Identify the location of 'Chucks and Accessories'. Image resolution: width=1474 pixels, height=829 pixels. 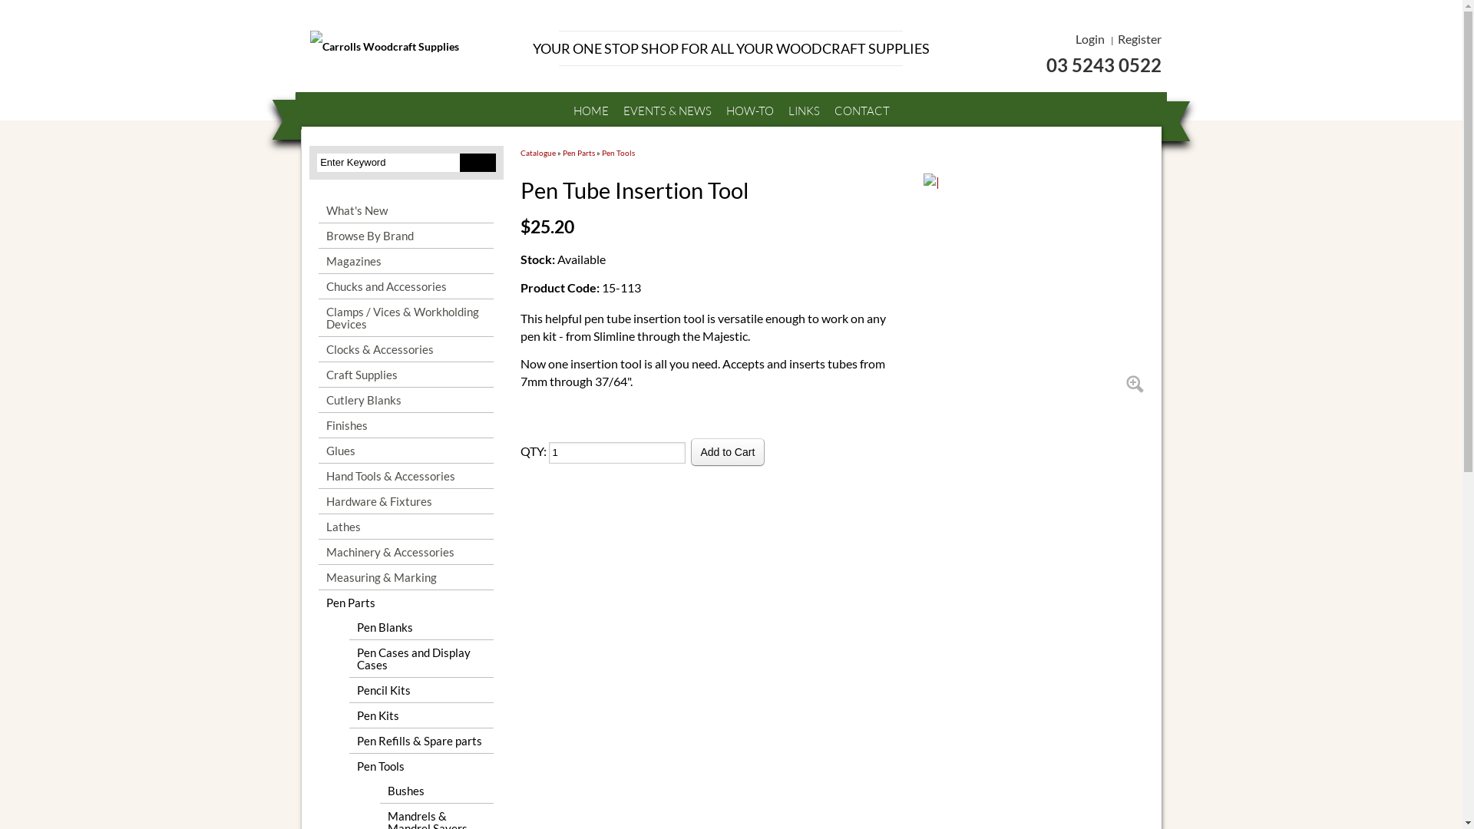
(405, 286).